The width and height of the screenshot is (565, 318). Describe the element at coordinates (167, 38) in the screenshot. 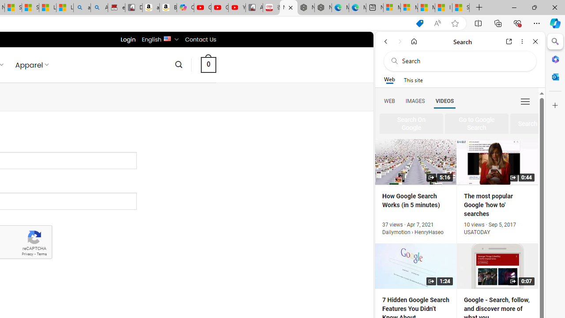

I see `'English'` at that location.